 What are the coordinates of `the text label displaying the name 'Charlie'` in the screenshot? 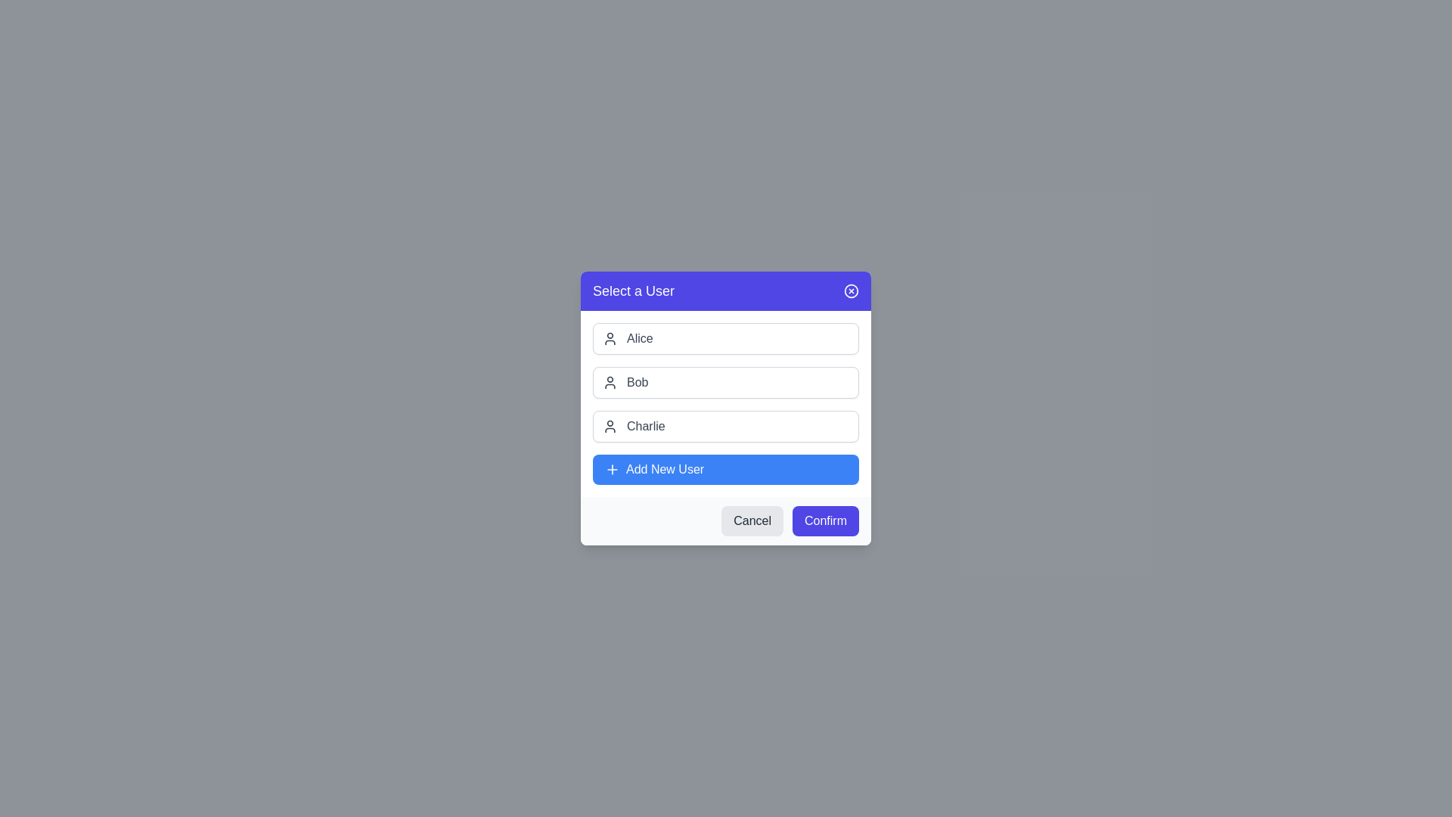 It's located at (646, 426).